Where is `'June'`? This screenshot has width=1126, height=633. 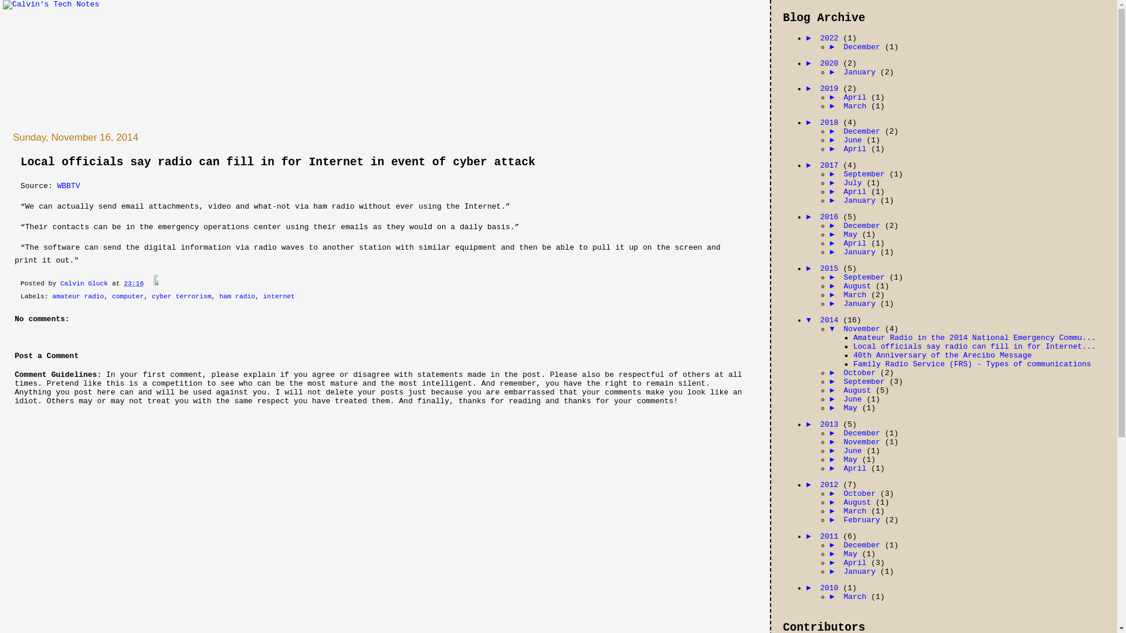 'June' is located at coordinates (854, 139).